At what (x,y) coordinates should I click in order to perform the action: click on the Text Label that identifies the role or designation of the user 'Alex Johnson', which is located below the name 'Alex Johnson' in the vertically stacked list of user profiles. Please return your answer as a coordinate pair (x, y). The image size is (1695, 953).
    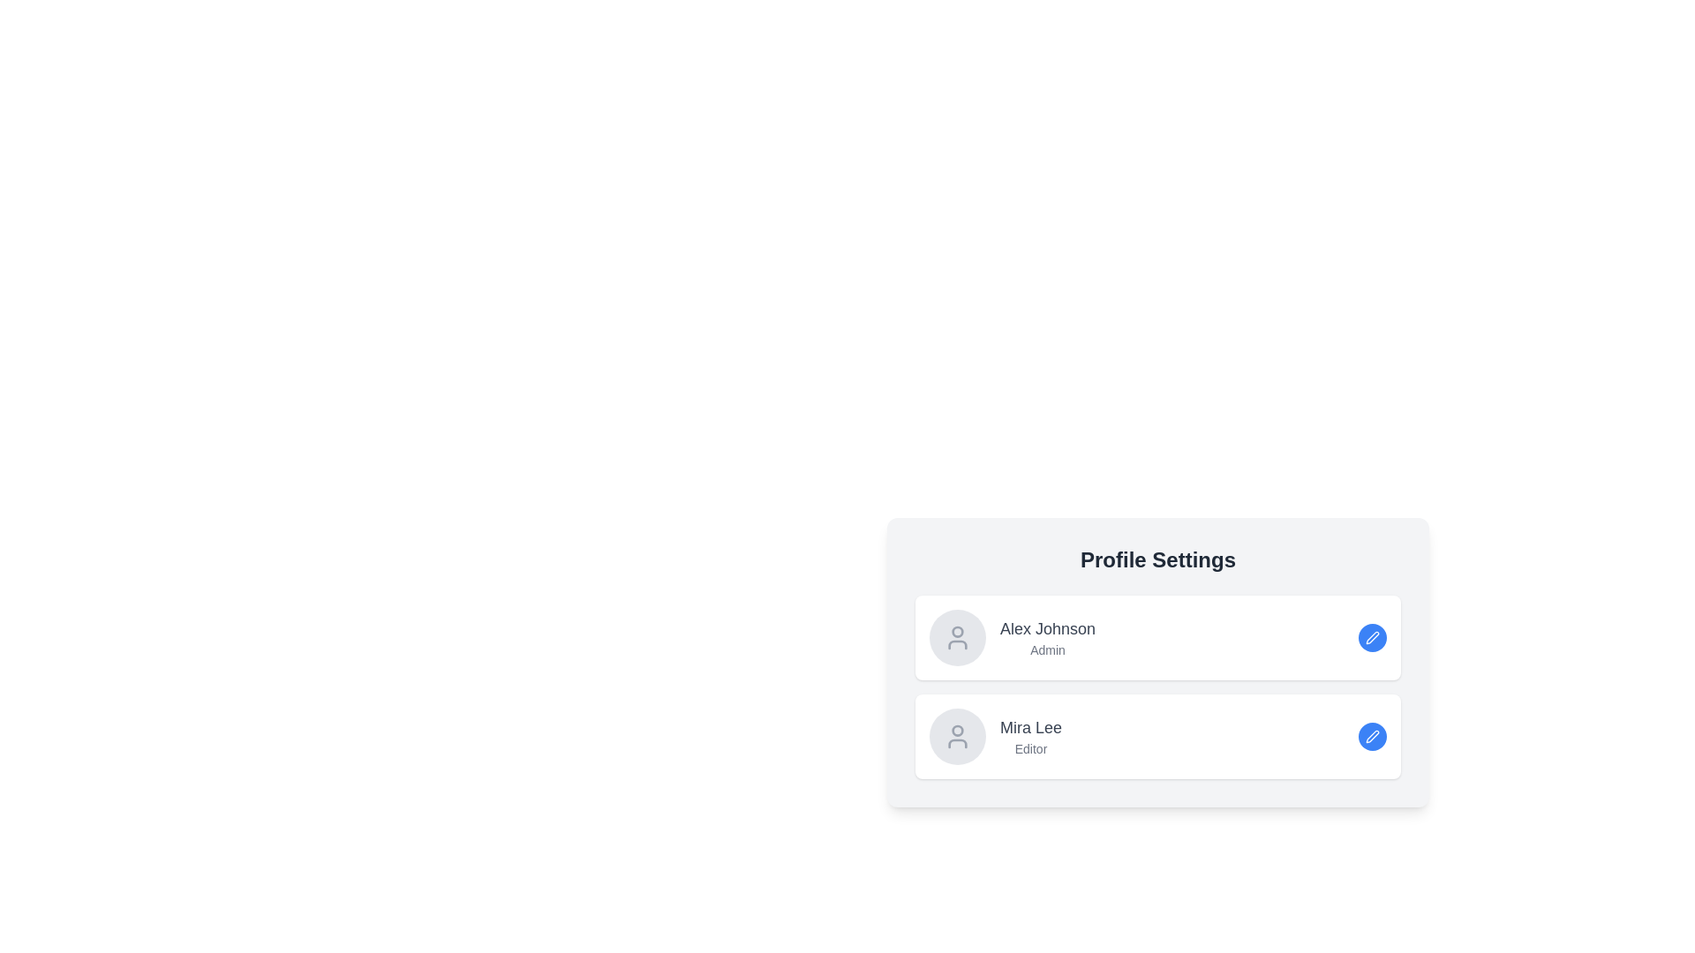
    Looking at the image, I should click on (1047, 649).